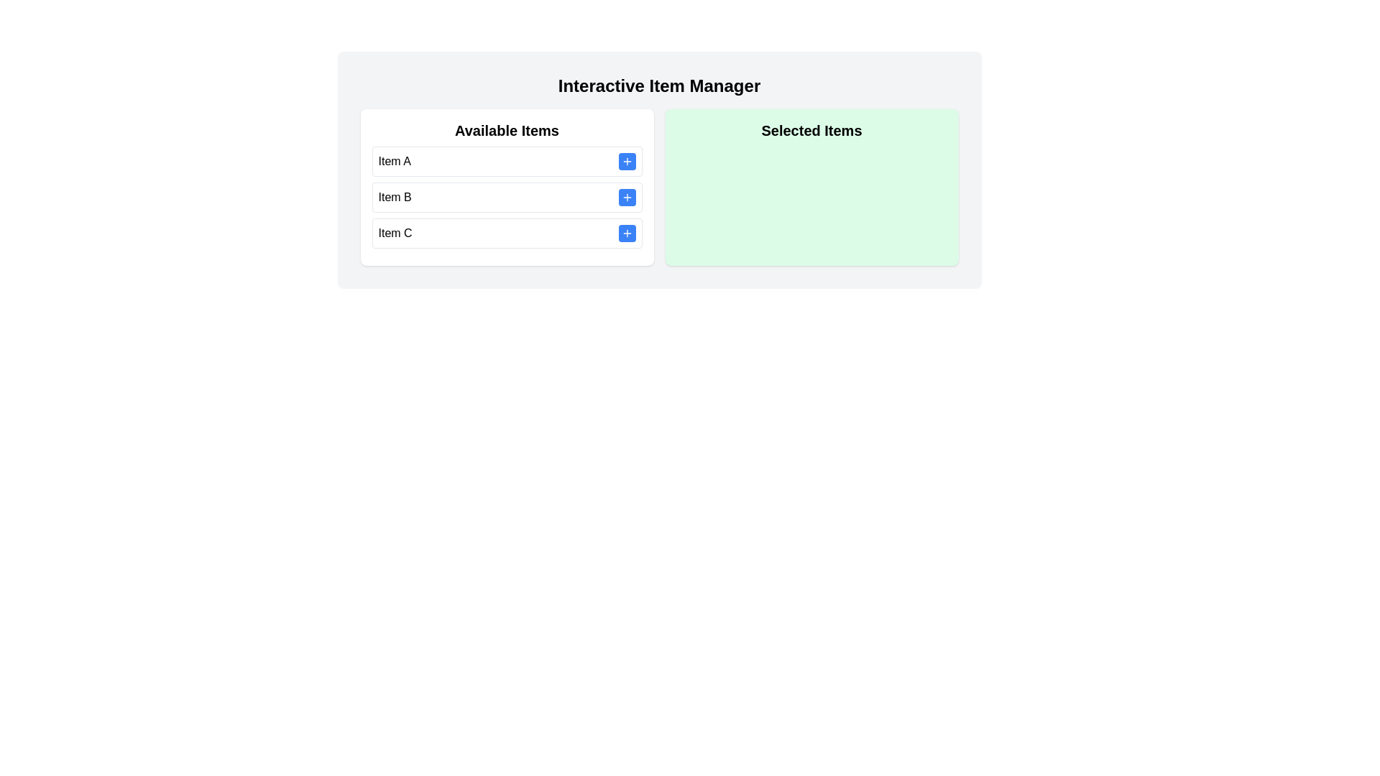  I want to click on the small square button with a blue background and a white '+' icon located to the right of the label 'Item A' in the 'Available Items' list, so click(627, 161).